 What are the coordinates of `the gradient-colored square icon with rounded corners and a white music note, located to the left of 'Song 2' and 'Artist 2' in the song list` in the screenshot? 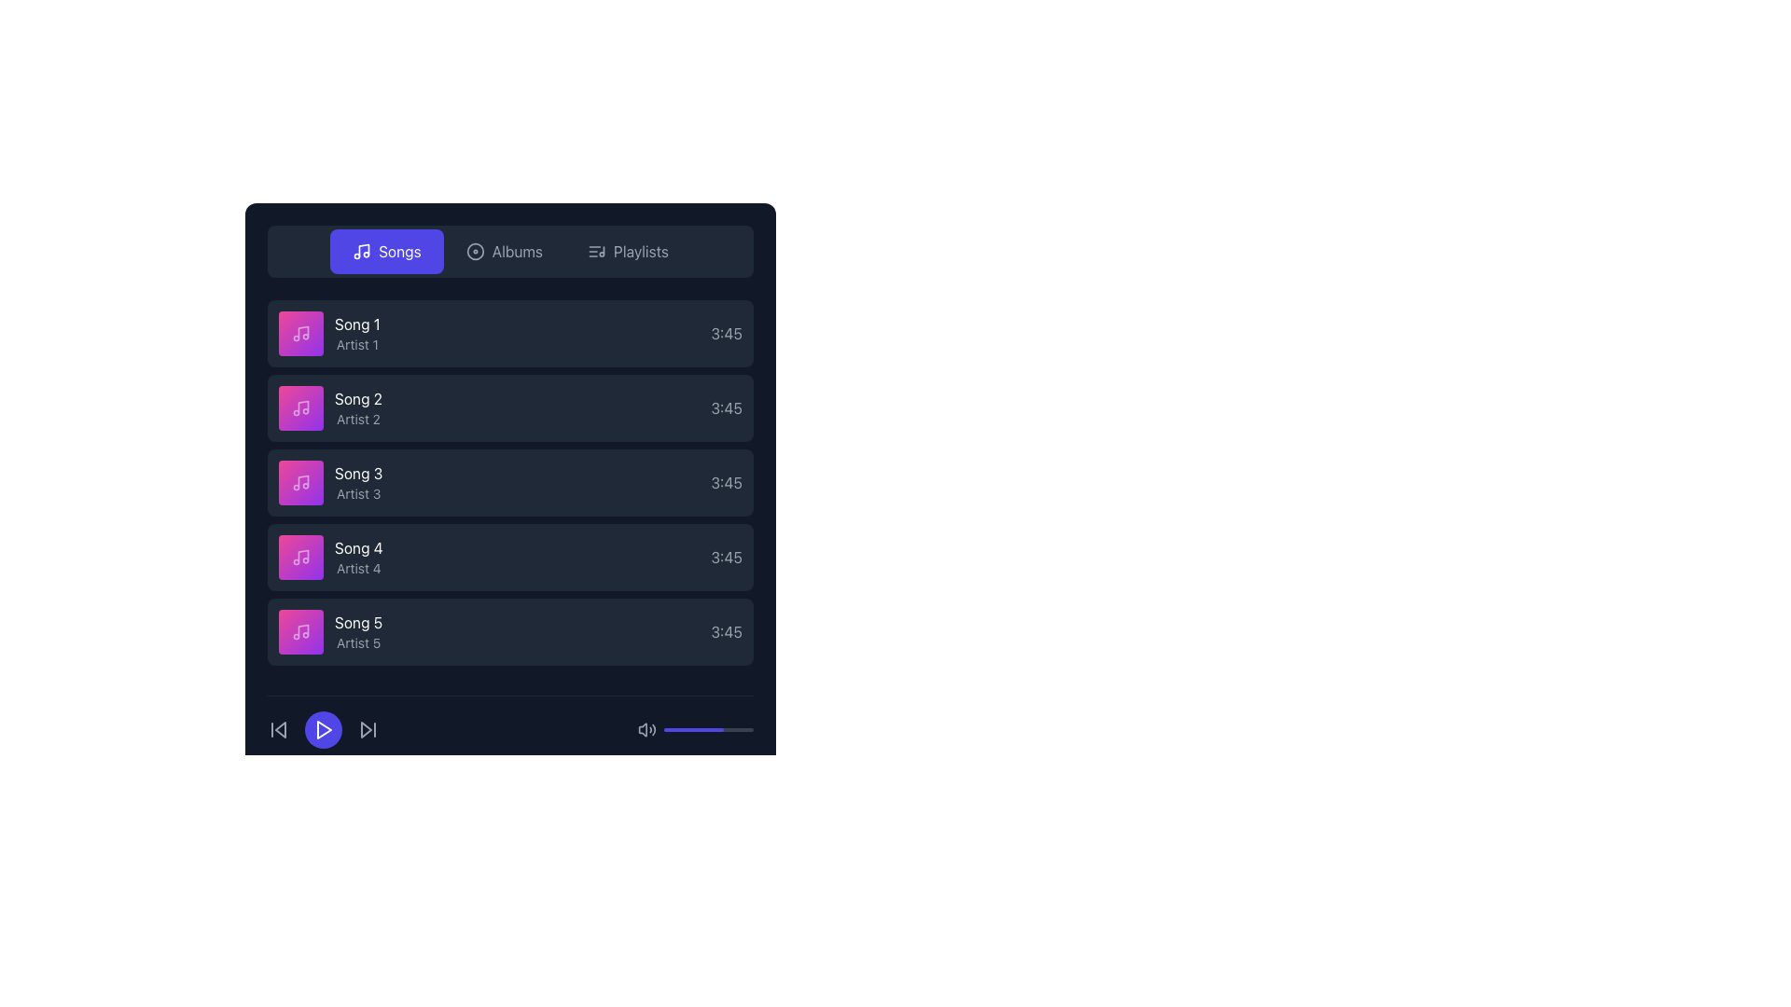 It's located at (300, 407).